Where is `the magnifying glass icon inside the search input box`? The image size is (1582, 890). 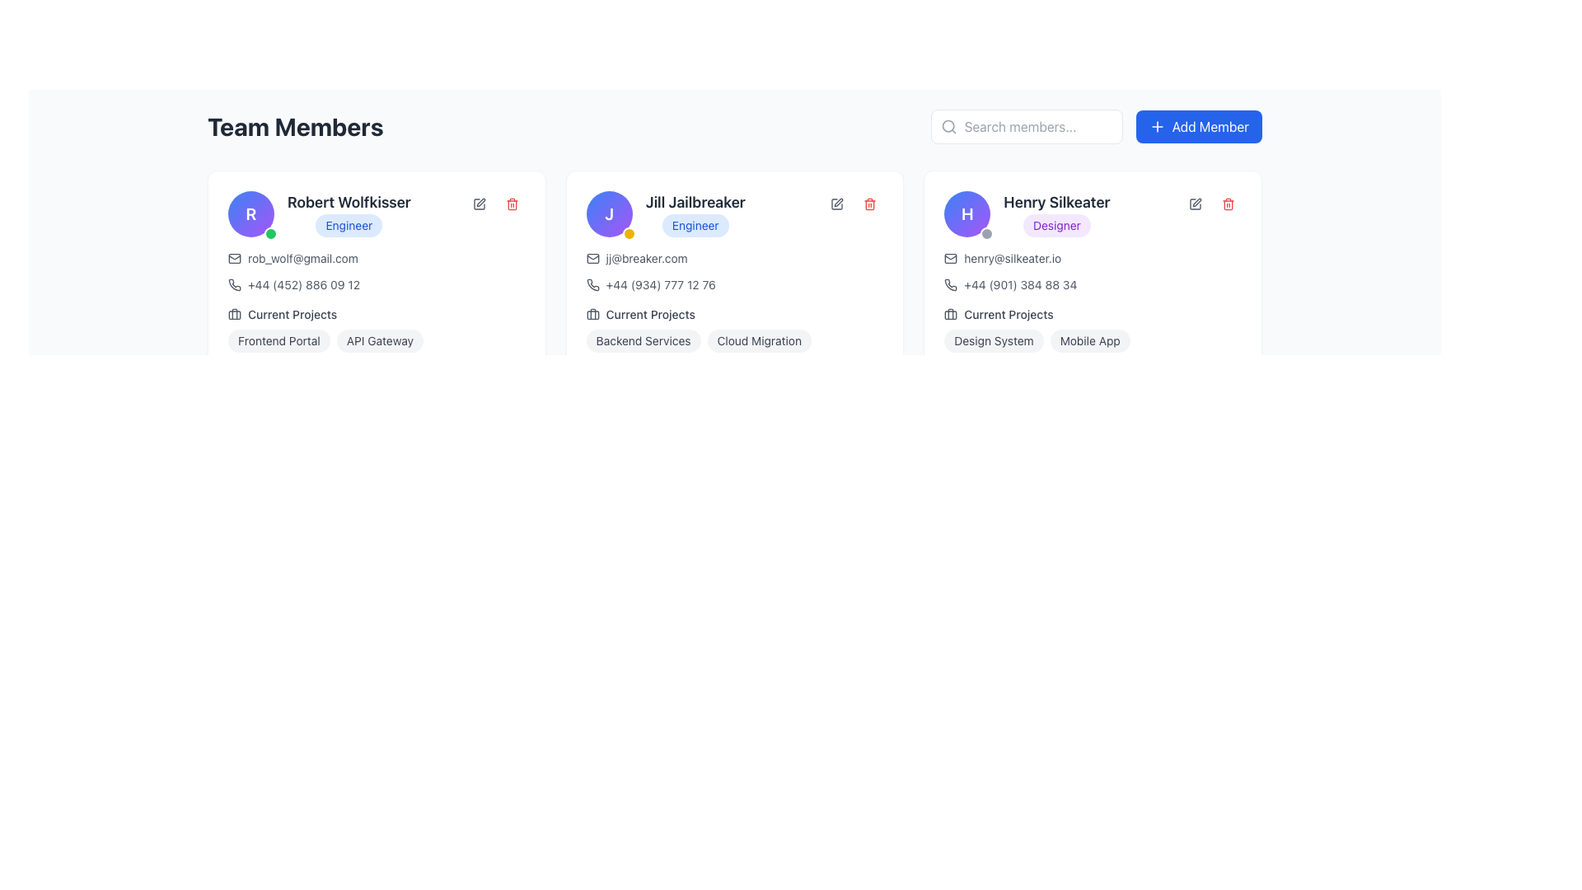
the magnifying glass icon inside the search input box is located at coordinates (948, 126).